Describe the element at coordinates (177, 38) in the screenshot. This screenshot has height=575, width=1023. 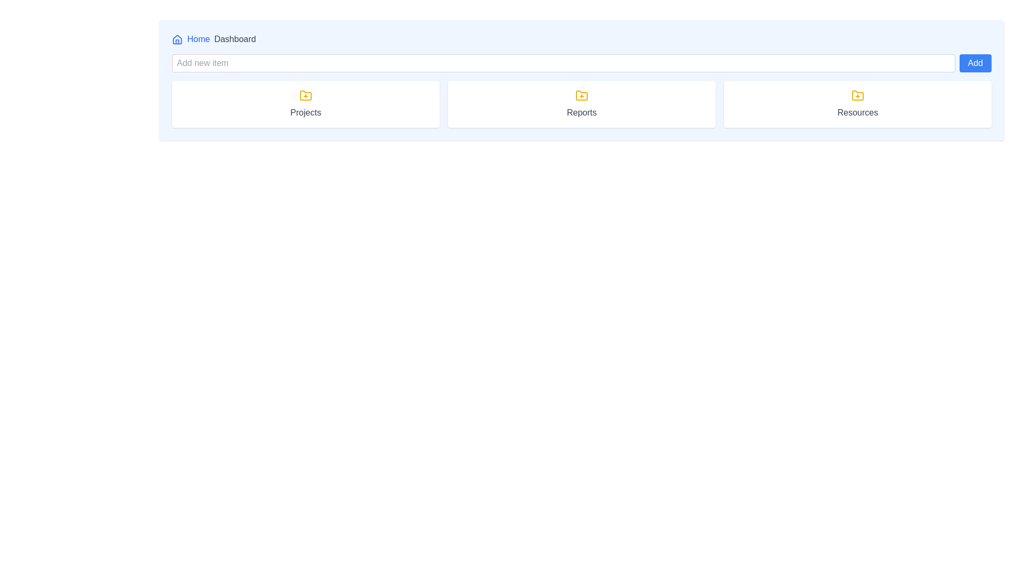
I see `the SVG house icon located at the top-left corner of the breadcrumb navigation` at that location.